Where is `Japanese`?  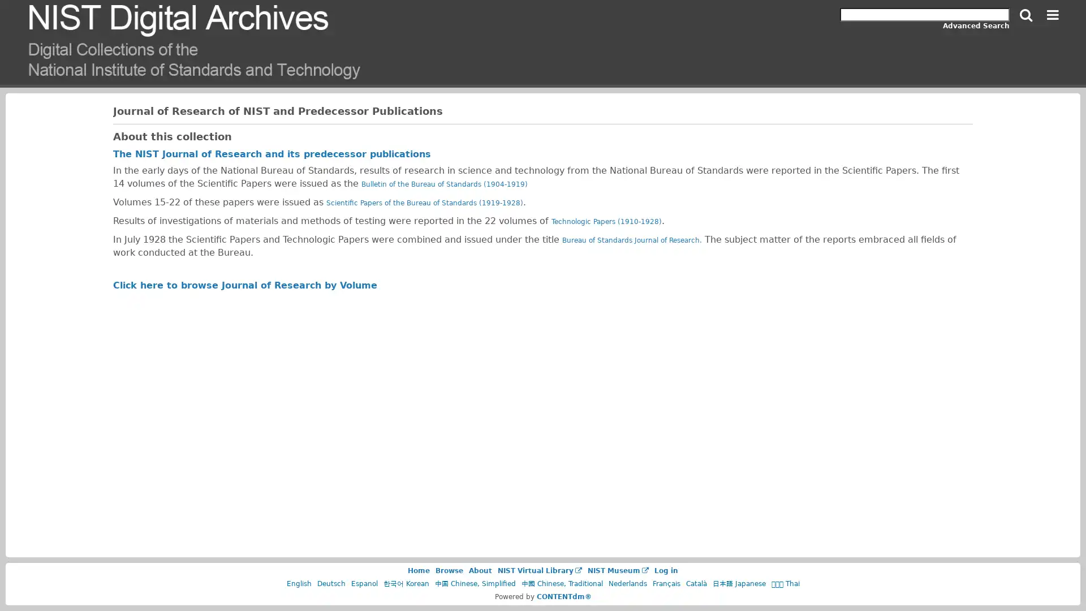
Japanese is located at coordinates (738, 584).